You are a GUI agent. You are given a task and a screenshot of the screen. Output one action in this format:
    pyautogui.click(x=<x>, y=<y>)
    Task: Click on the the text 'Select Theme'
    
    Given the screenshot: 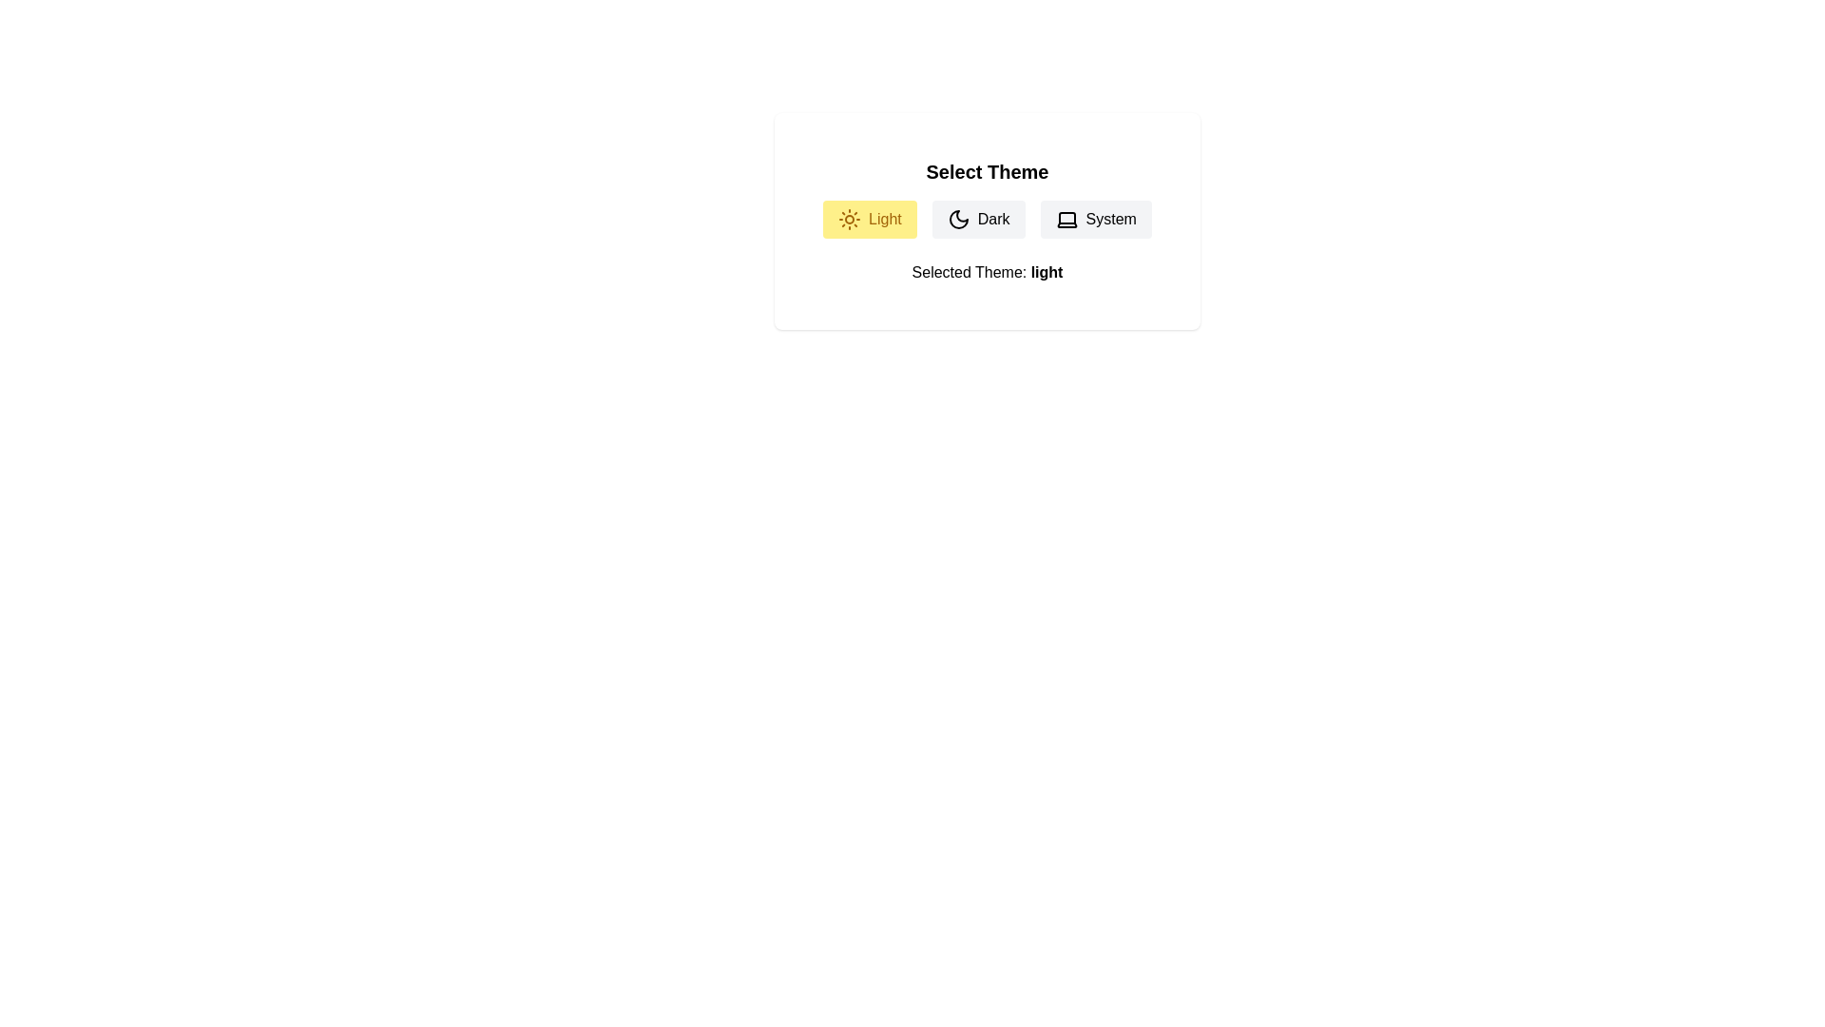 What is the action you would take?
    pyautogui.click(x=987, y=172)
    